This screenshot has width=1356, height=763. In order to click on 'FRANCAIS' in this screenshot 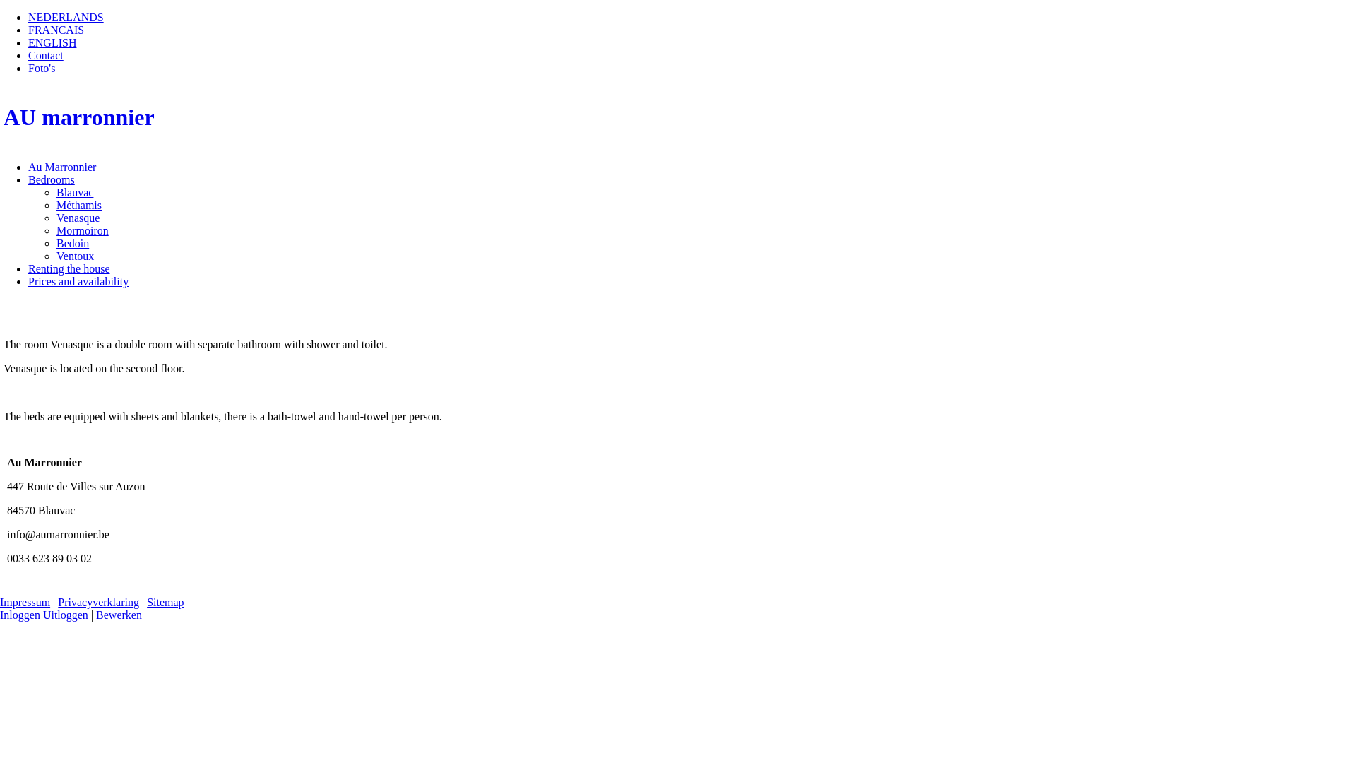, I will do `click(56, 30)`.